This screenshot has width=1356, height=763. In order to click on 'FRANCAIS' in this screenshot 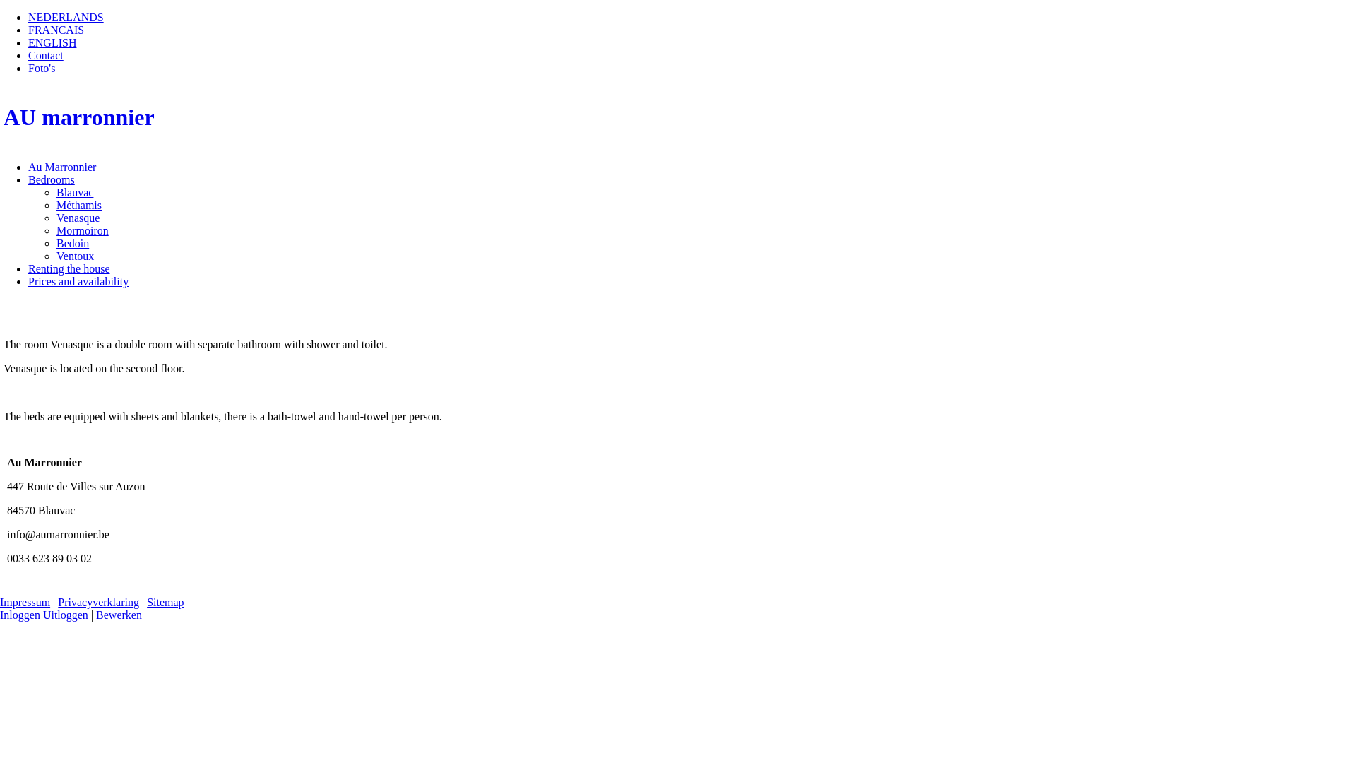, I will do `click(56, 30)`.